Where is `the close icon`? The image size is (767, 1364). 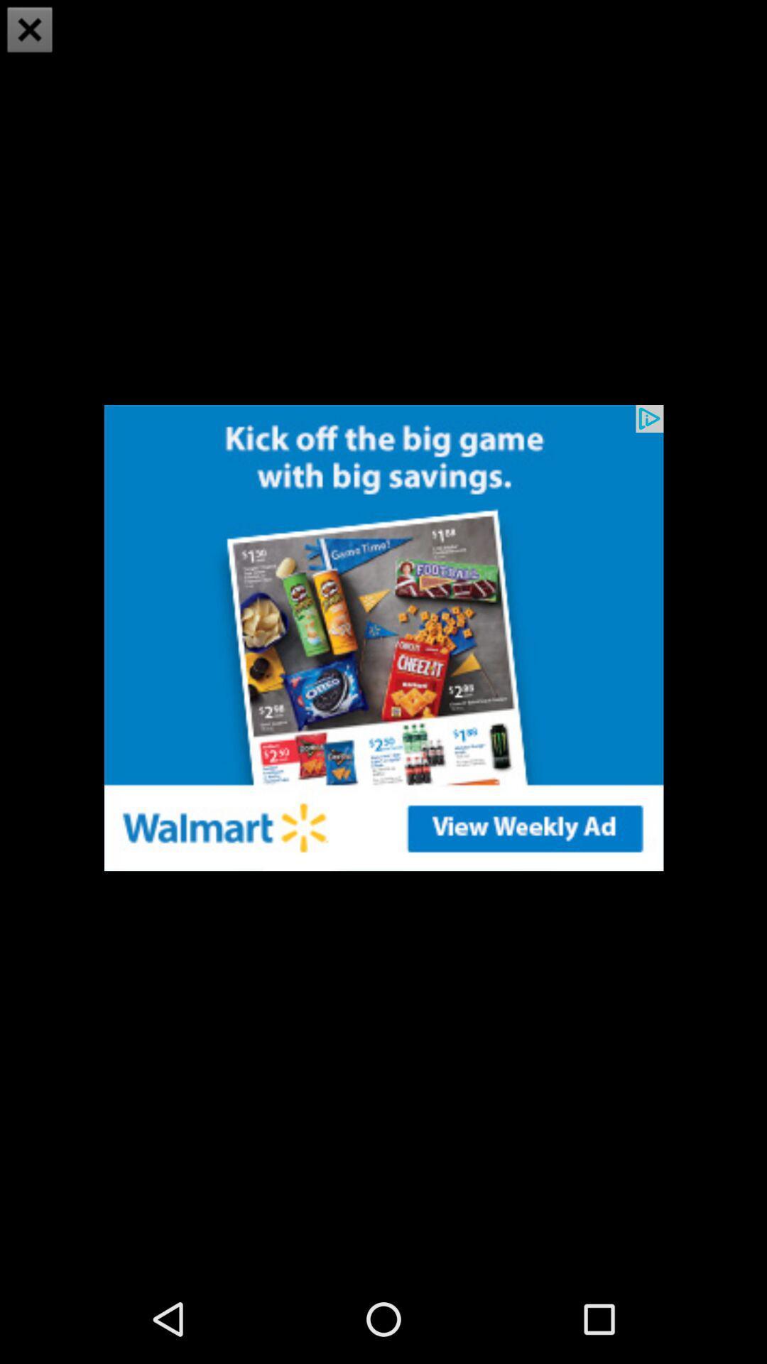 the close icon is located at coordinates (30, 31).